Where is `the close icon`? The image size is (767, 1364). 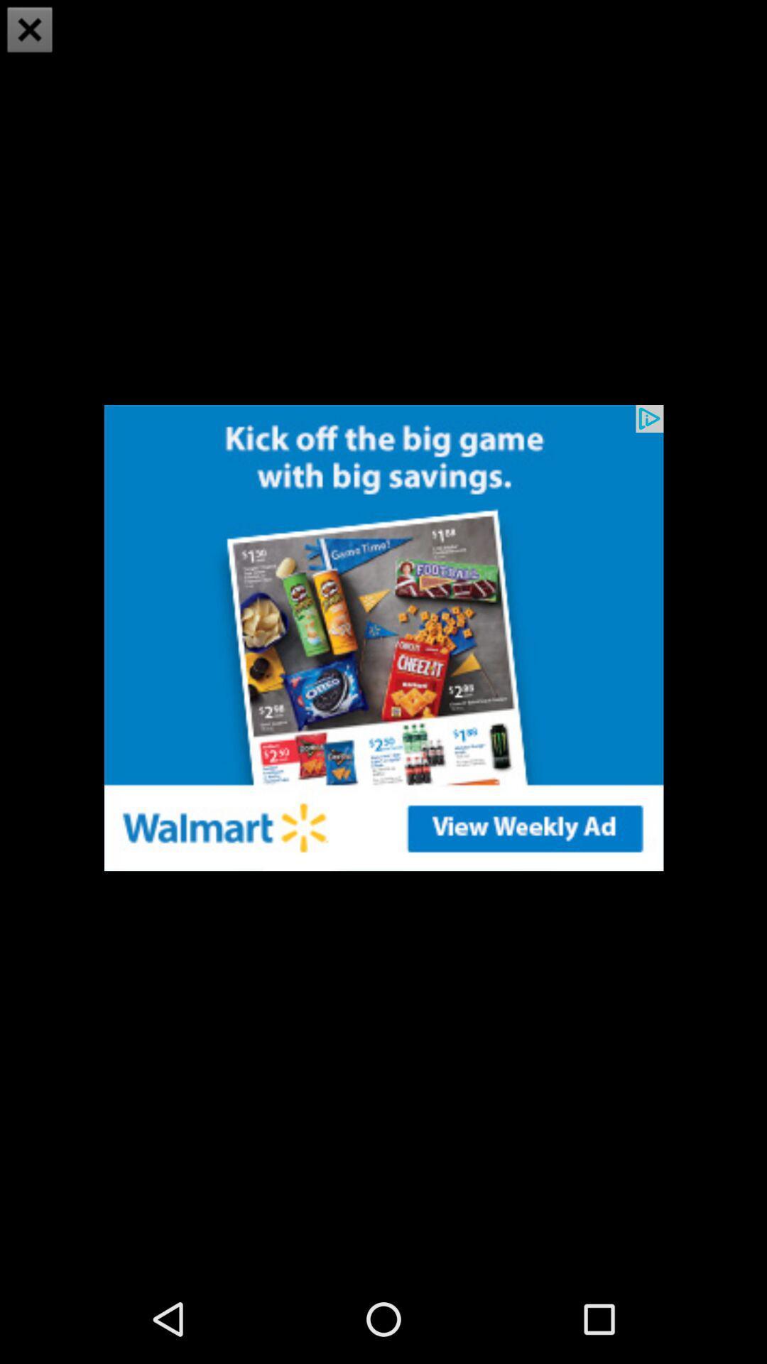 the close icon is located at coordinates (30, 31).